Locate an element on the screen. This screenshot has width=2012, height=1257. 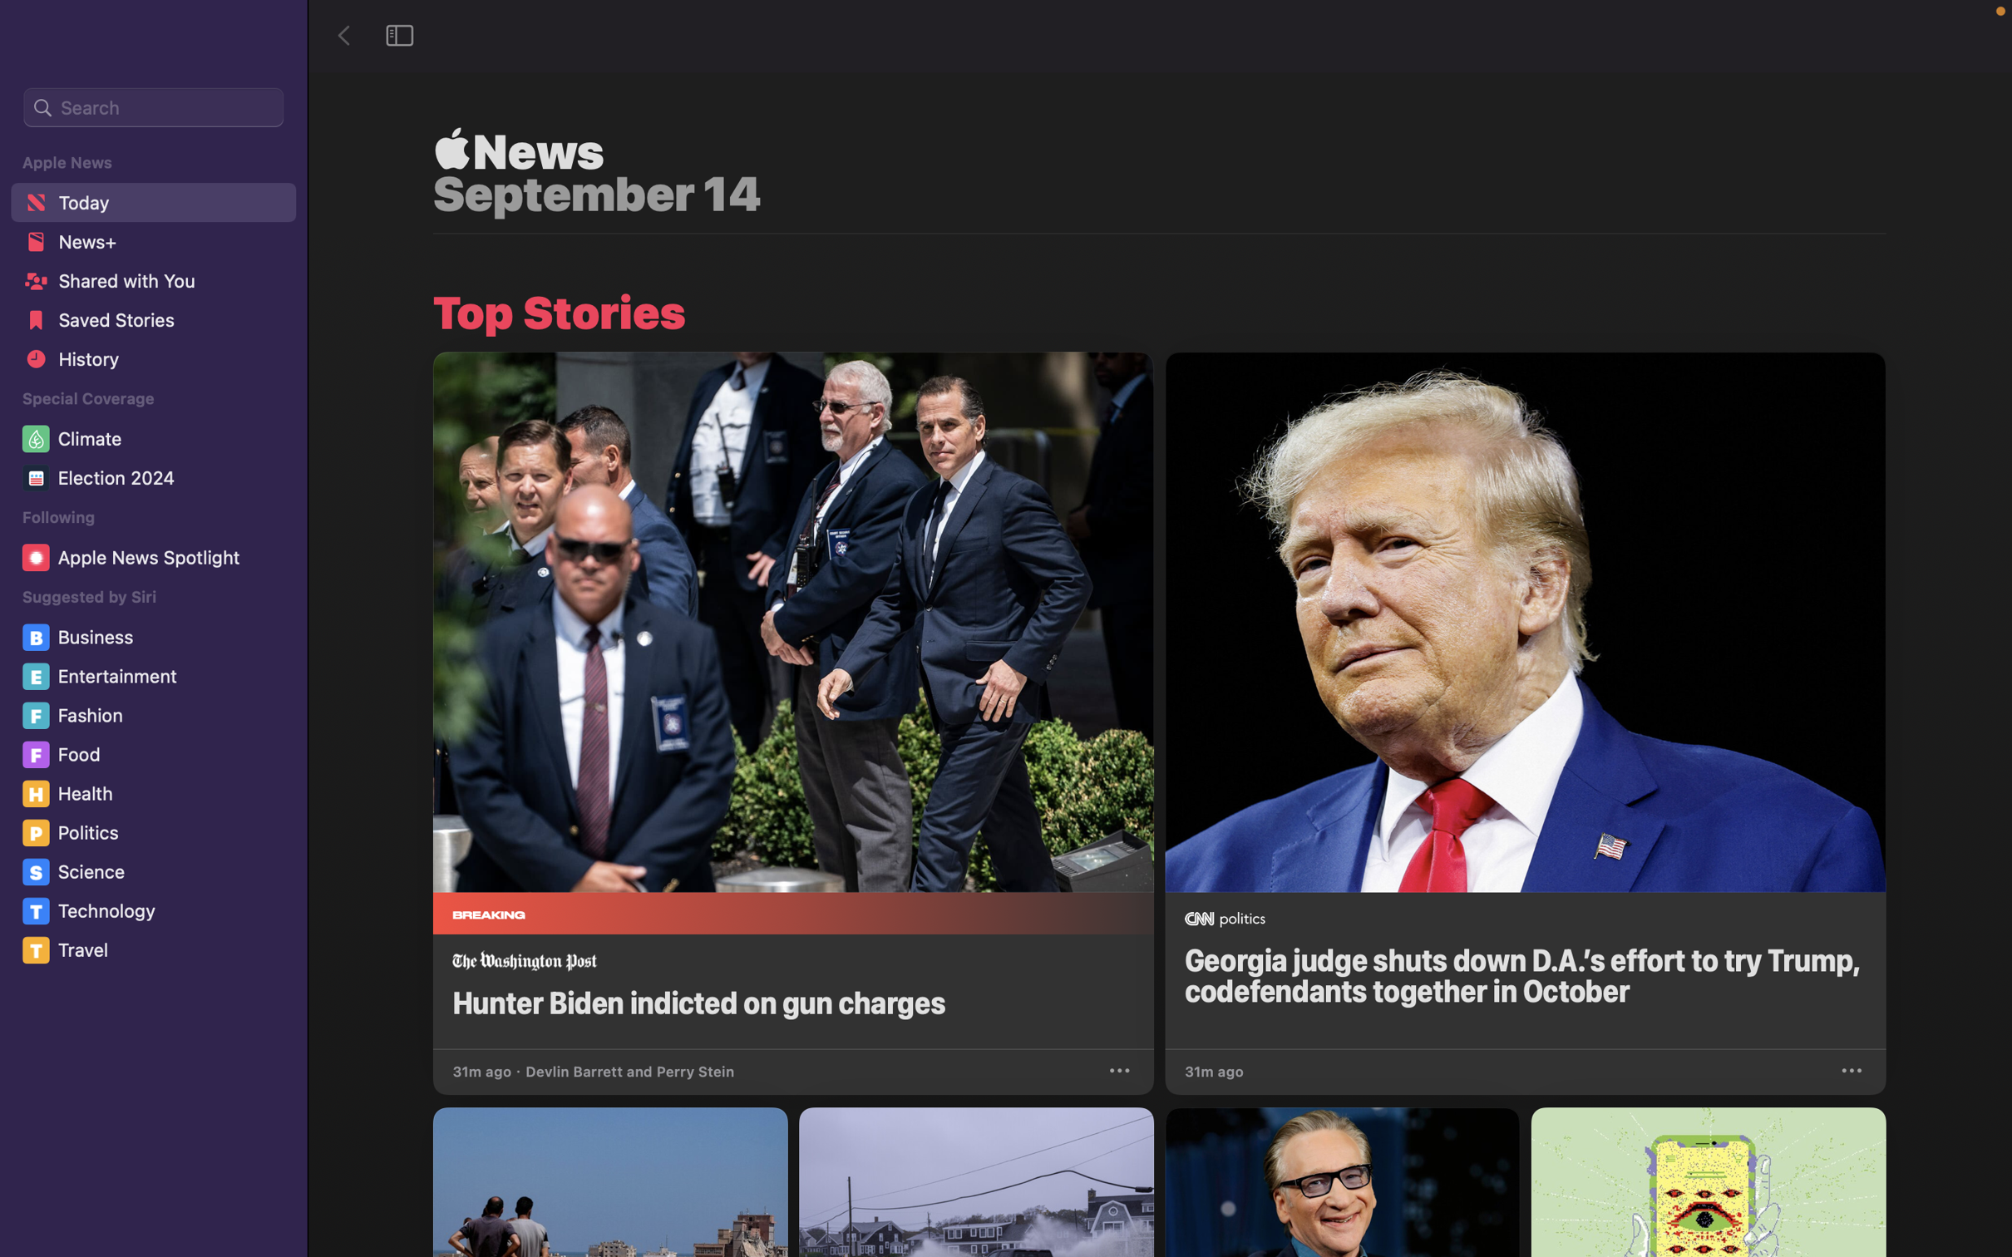
Move to the "Technology" segment is located at coordinates (155, 911).